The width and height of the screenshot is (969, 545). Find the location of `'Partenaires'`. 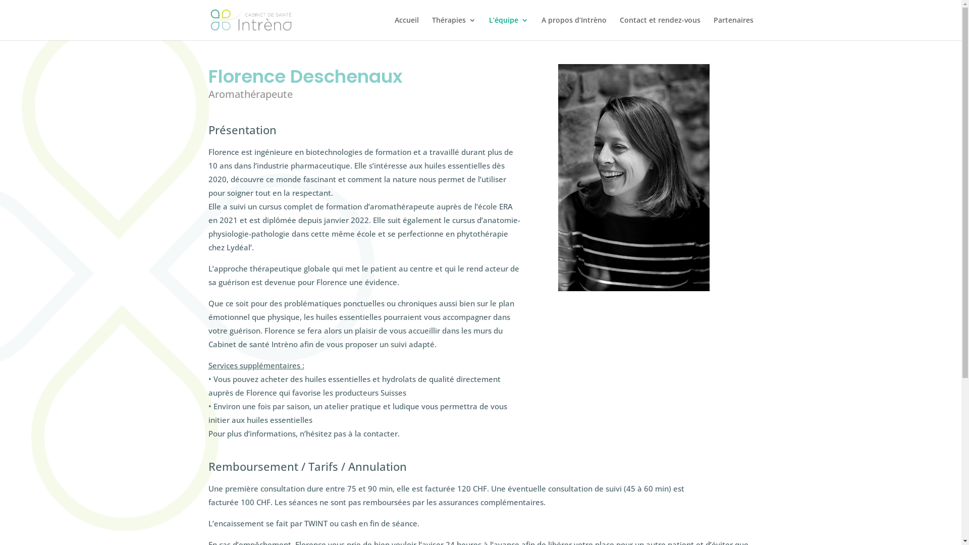

'Partenaires' is located at coordinates (733, 28).